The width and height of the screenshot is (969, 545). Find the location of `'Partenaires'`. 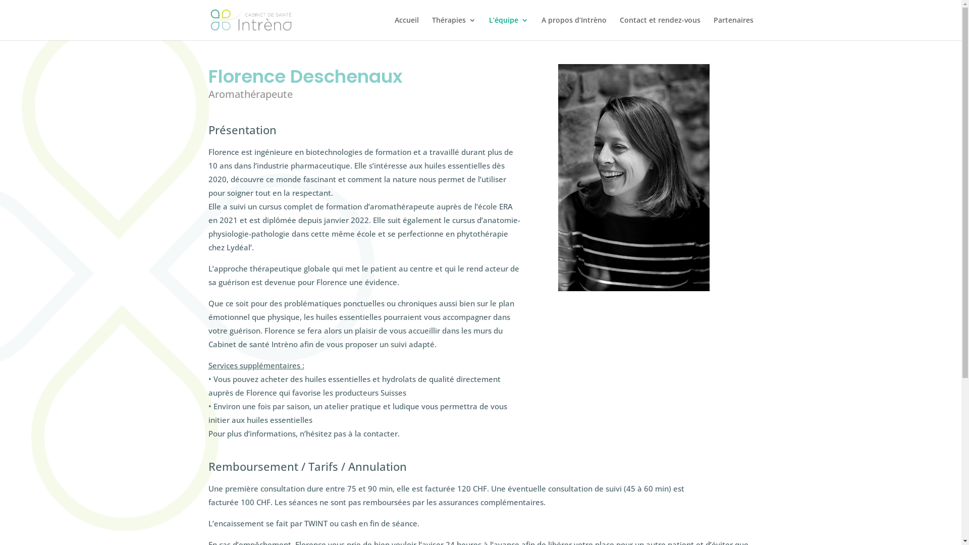

'Partenaires' is located at coordinates (733, 28).